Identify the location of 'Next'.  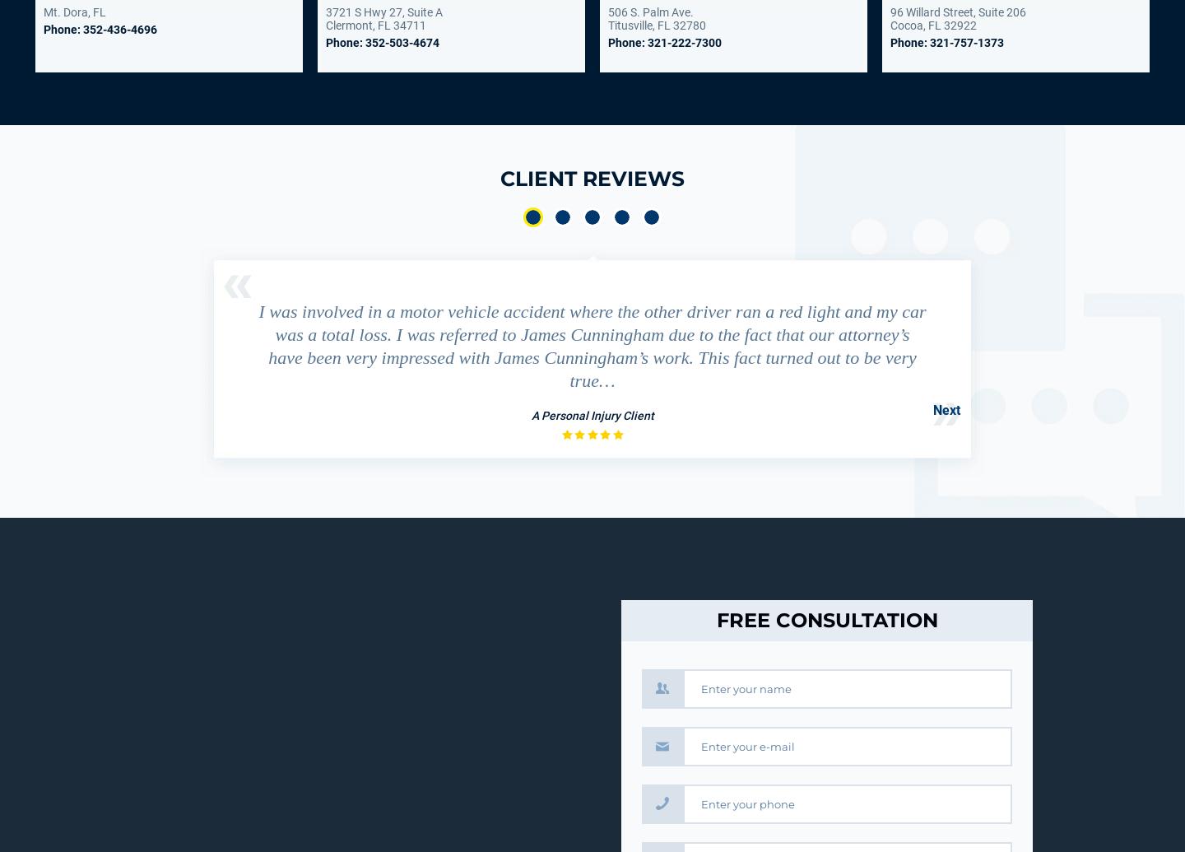
(946, 410).